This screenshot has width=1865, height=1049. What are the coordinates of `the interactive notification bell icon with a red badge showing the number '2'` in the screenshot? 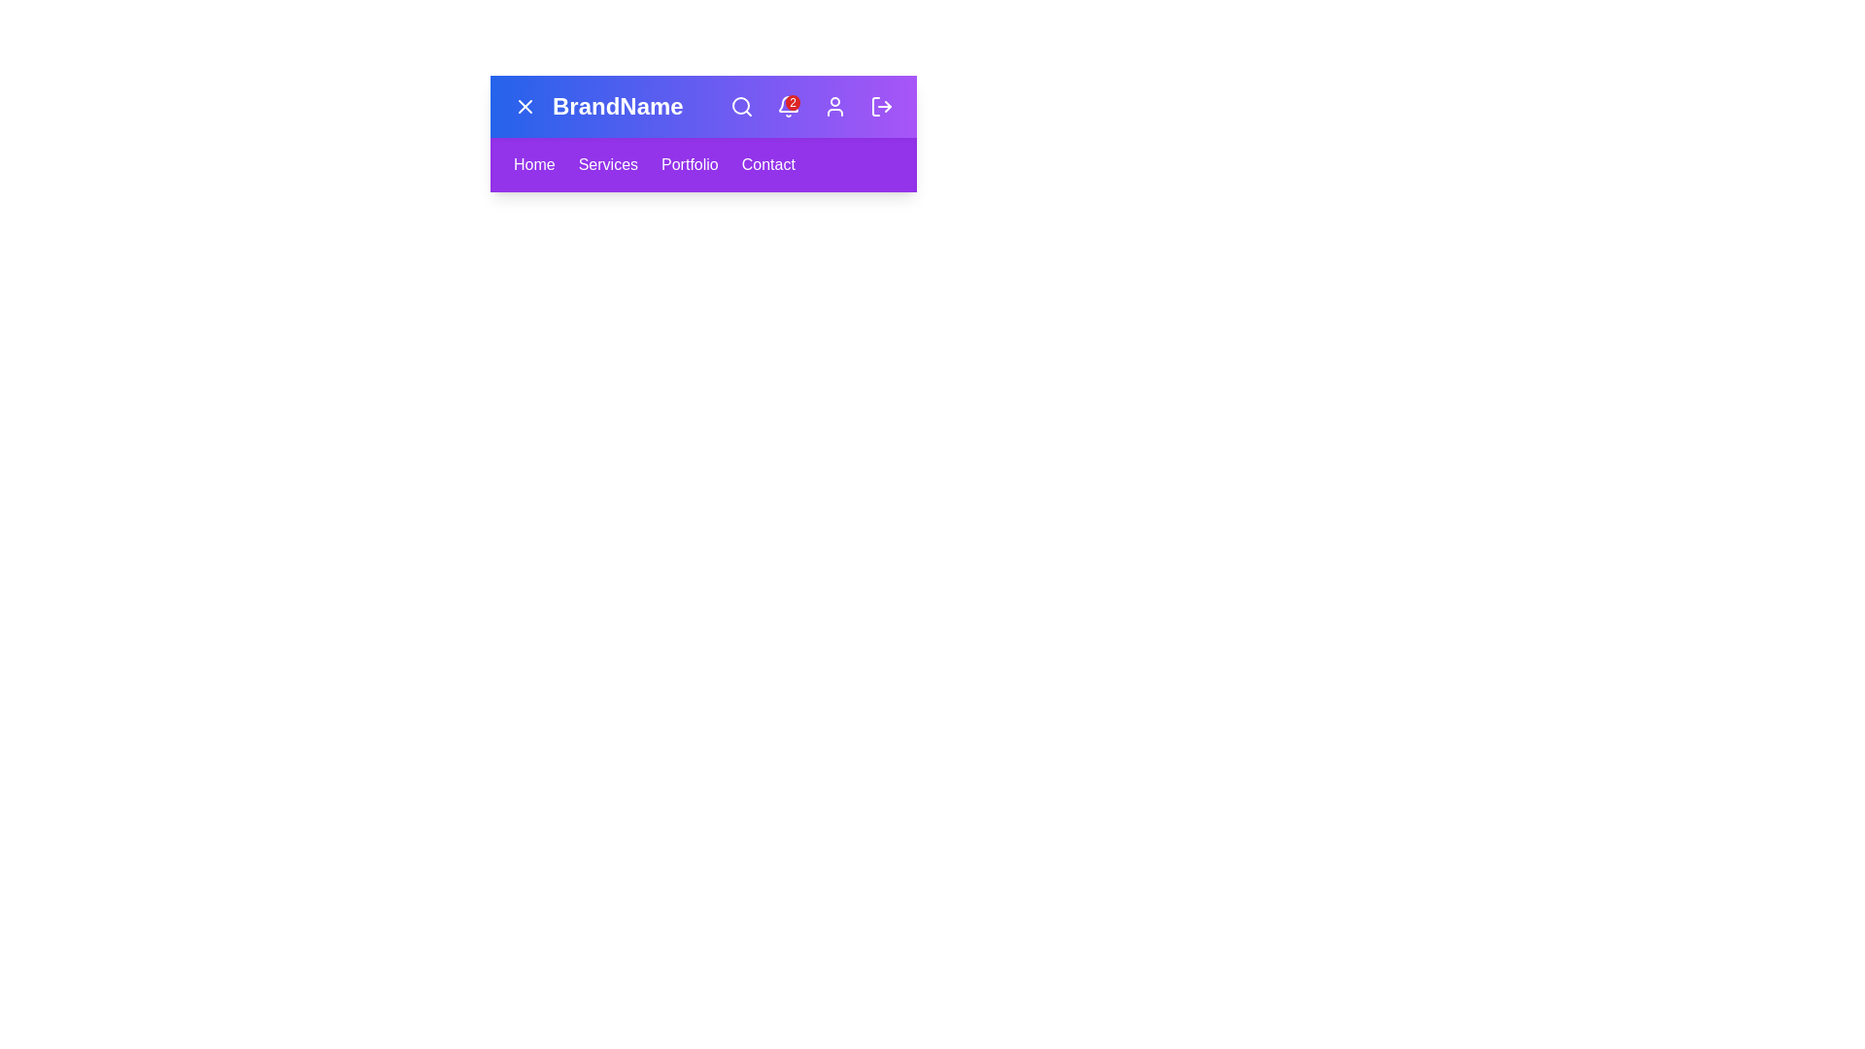 It's located at (788, 107).